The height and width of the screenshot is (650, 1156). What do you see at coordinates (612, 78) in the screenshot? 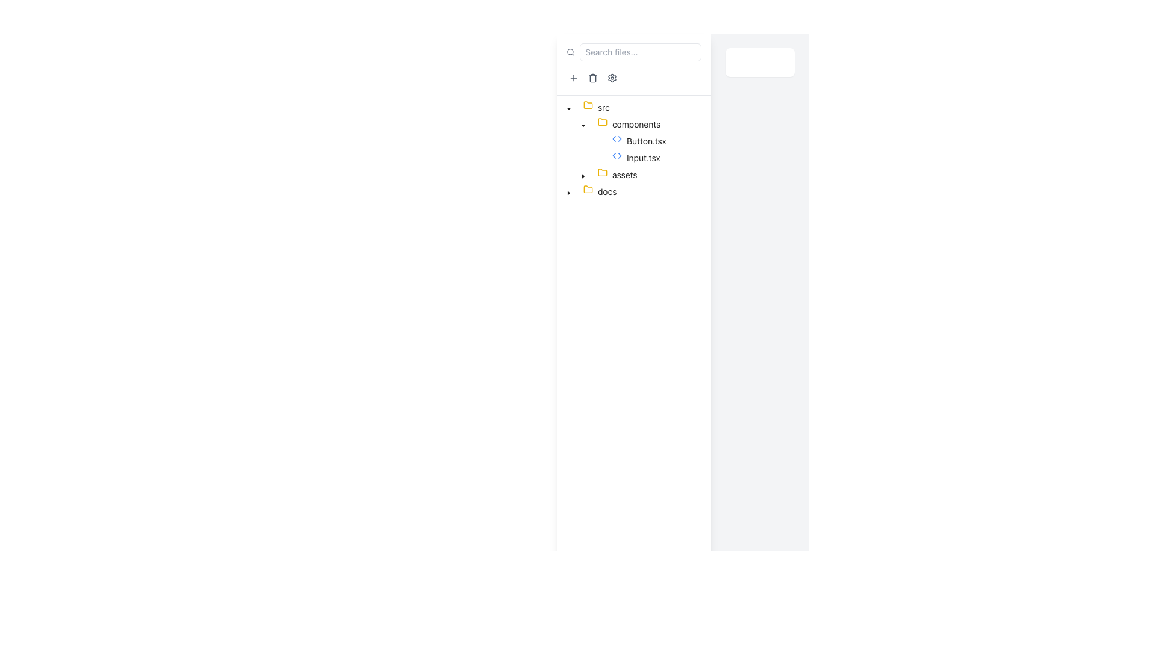
I see `the cogwheel-shaped icon representing settings located at the top-left panel of the interface, near the search bar` at bounding box center [612, 78].